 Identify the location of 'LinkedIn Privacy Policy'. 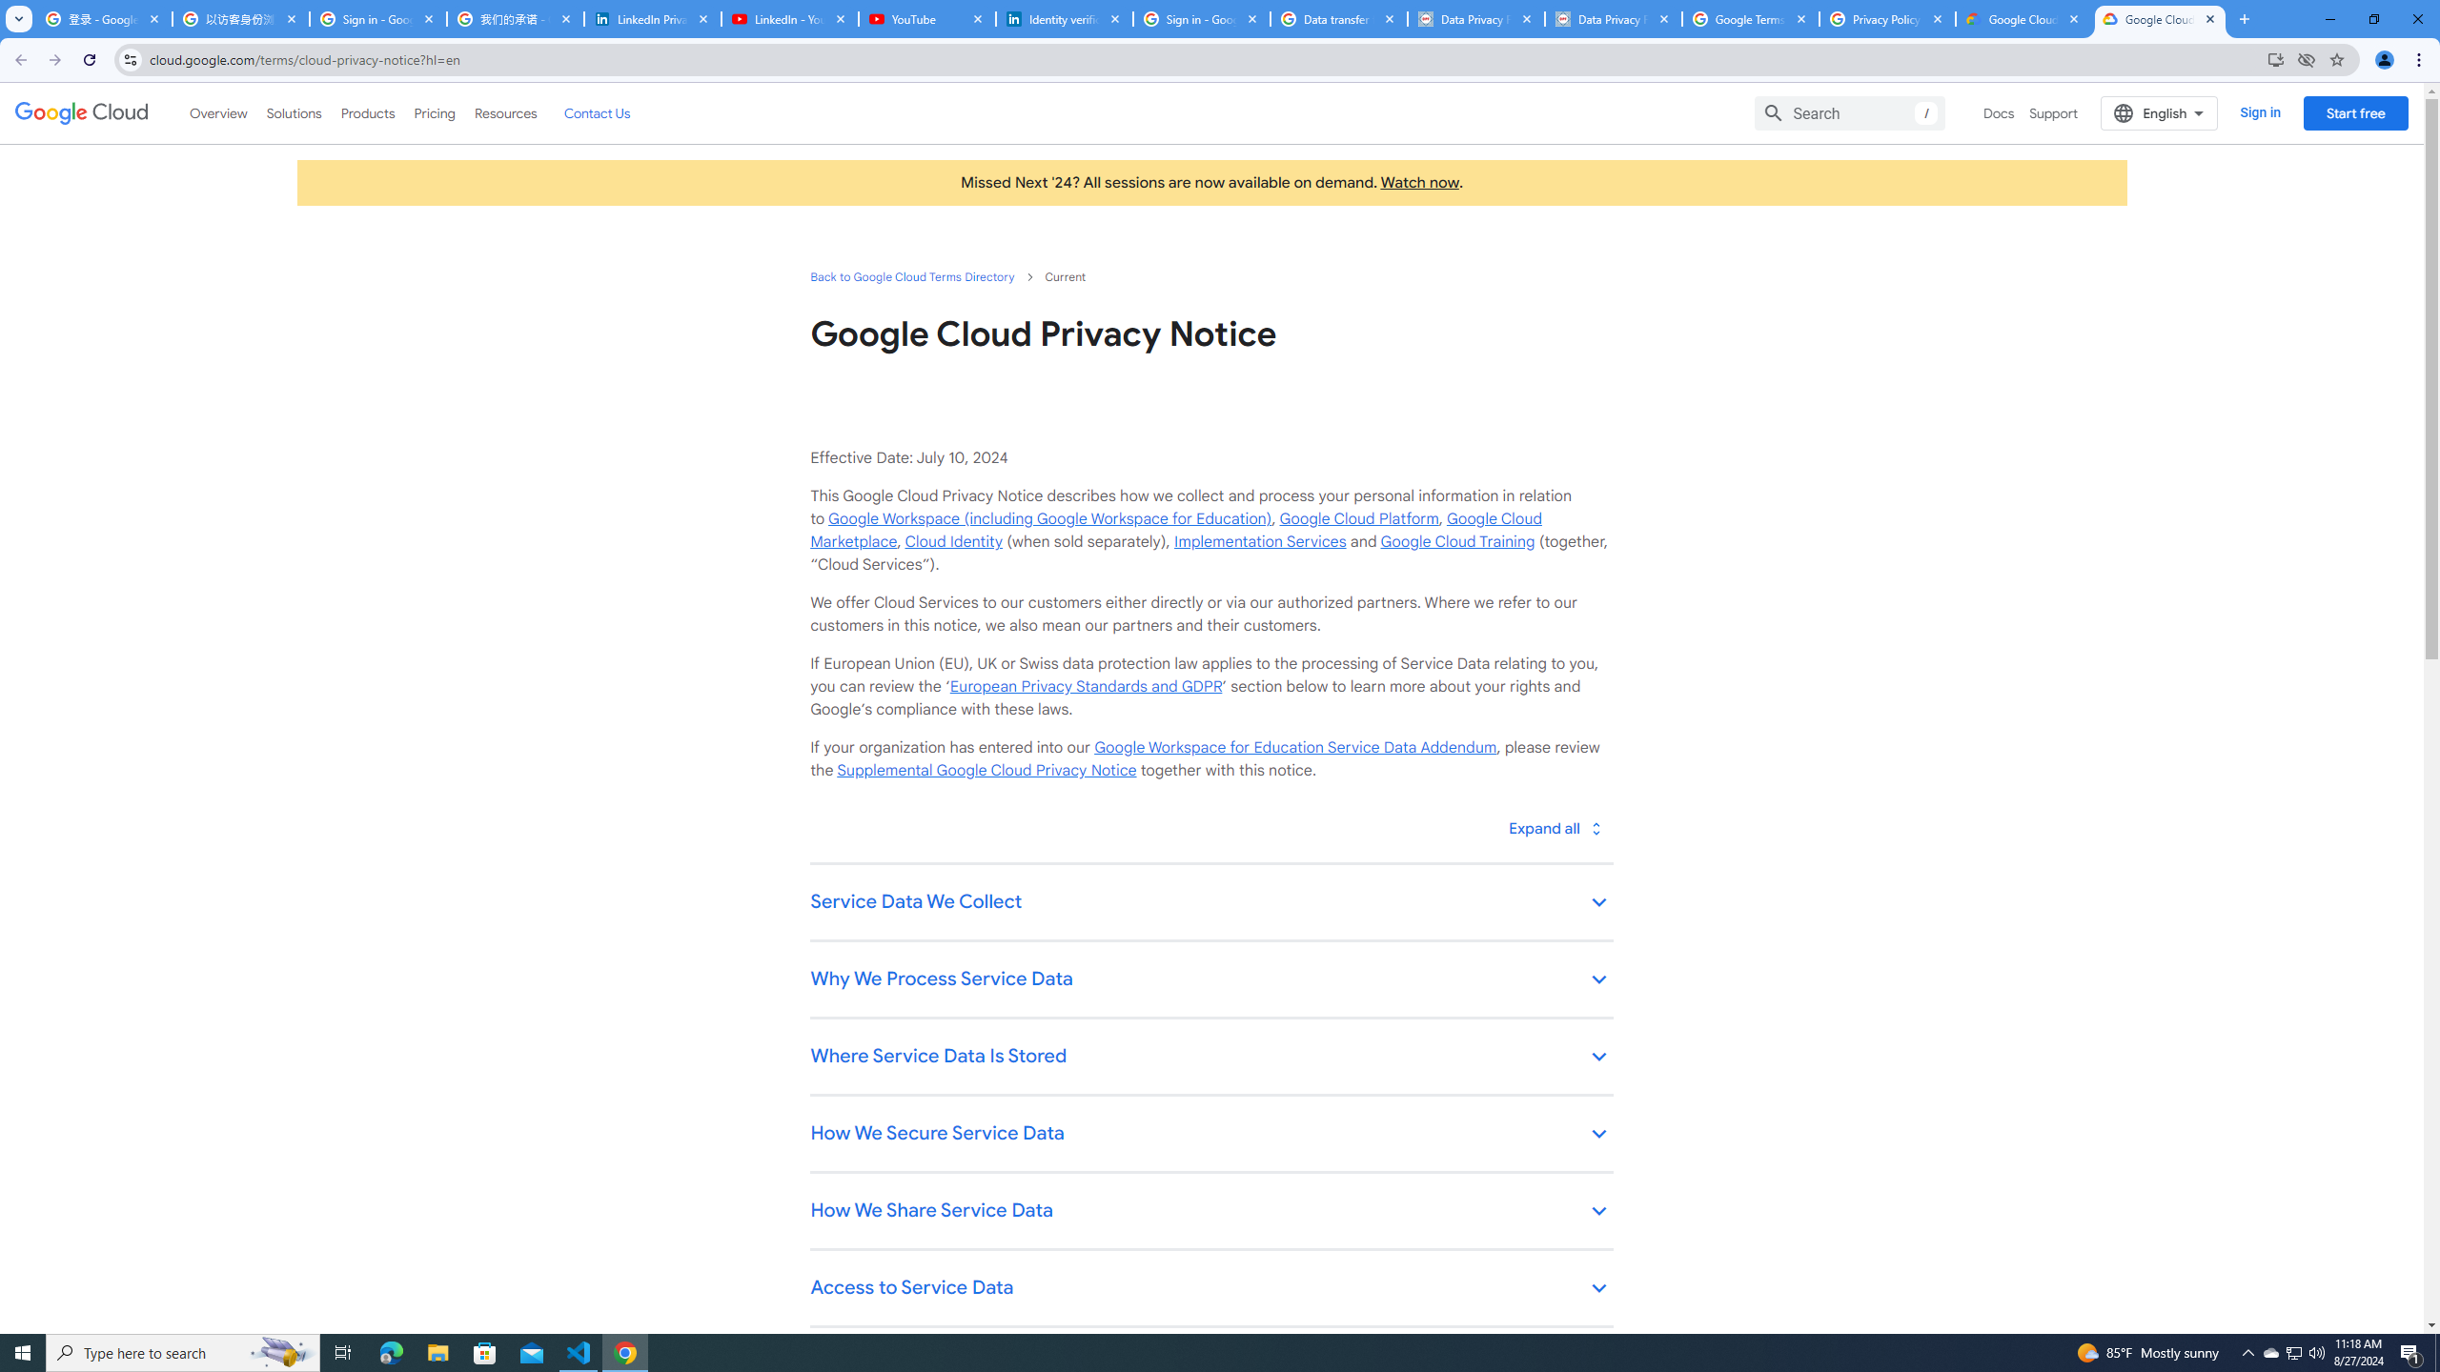
(652, 18).